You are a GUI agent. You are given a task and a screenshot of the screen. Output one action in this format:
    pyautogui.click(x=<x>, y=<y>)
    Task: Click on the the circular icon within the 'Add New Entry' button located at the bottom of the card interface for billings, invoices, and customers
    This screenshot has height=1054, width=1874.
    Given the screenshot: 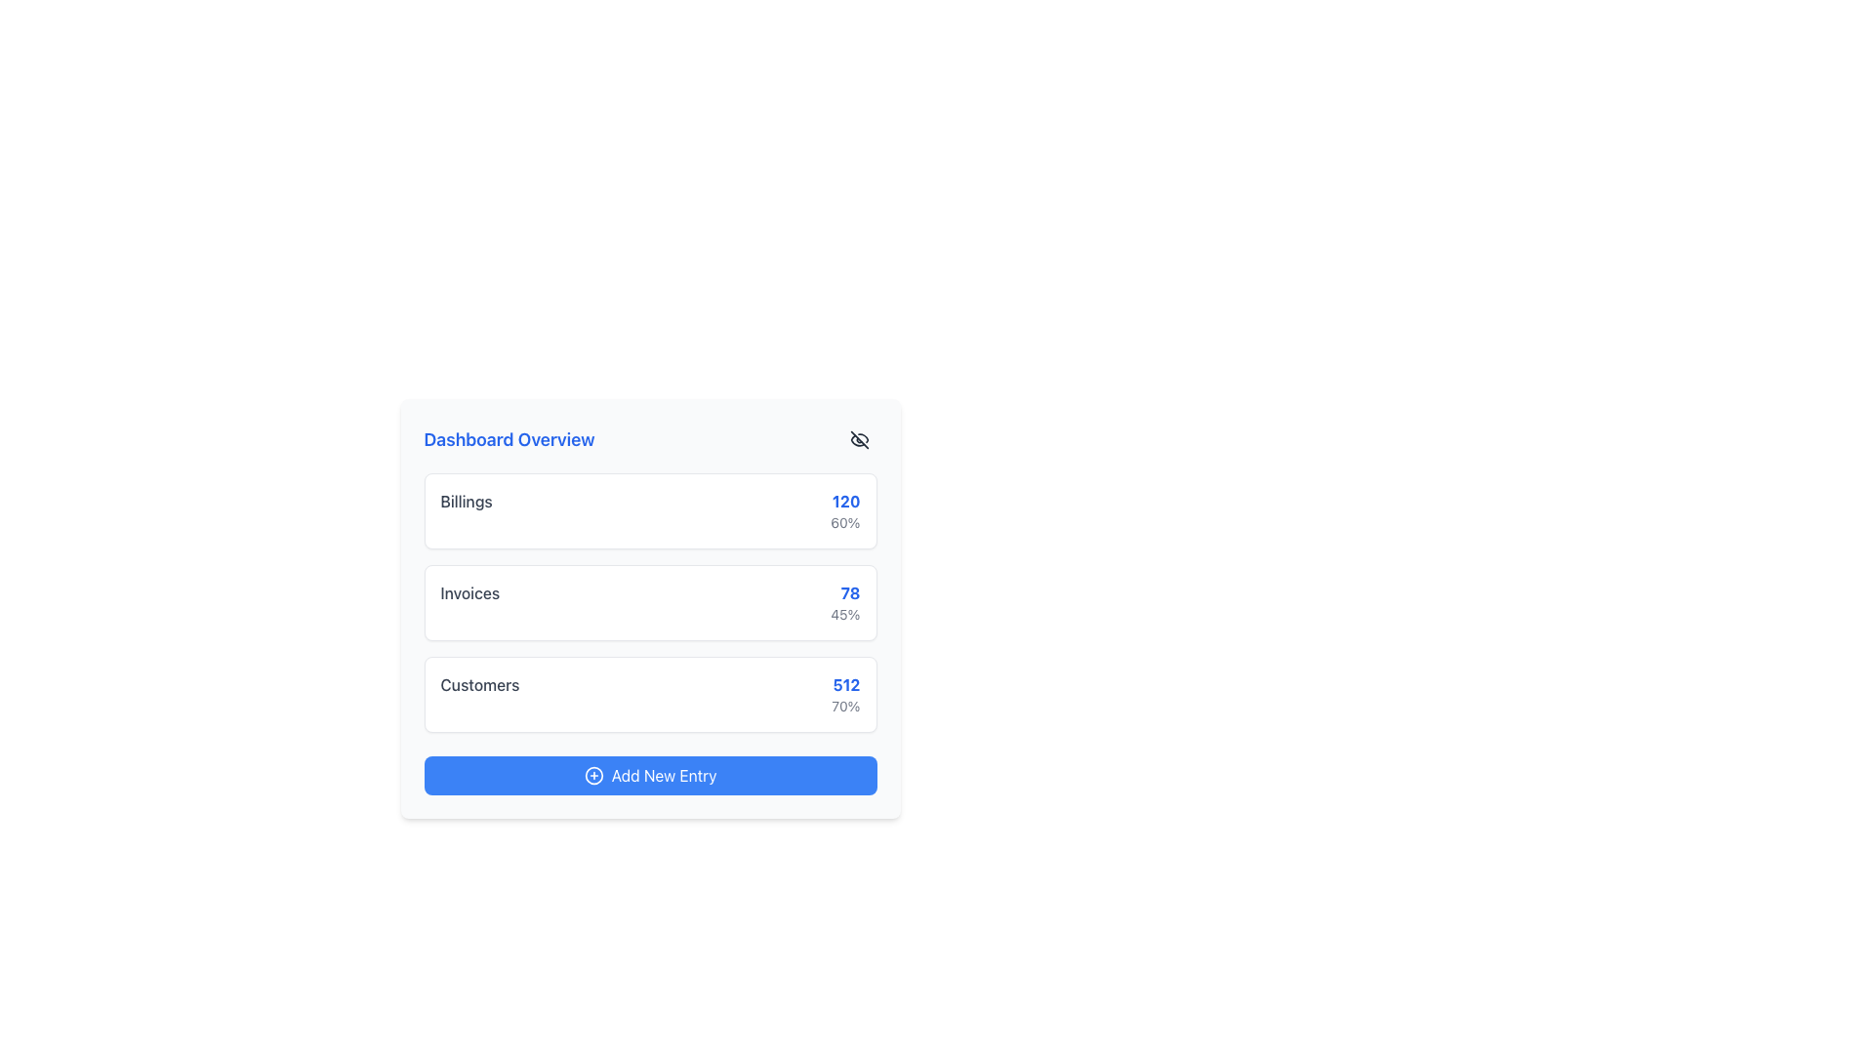 What is the action you would take?
    pyautogui.click(x=592, y=774)
    